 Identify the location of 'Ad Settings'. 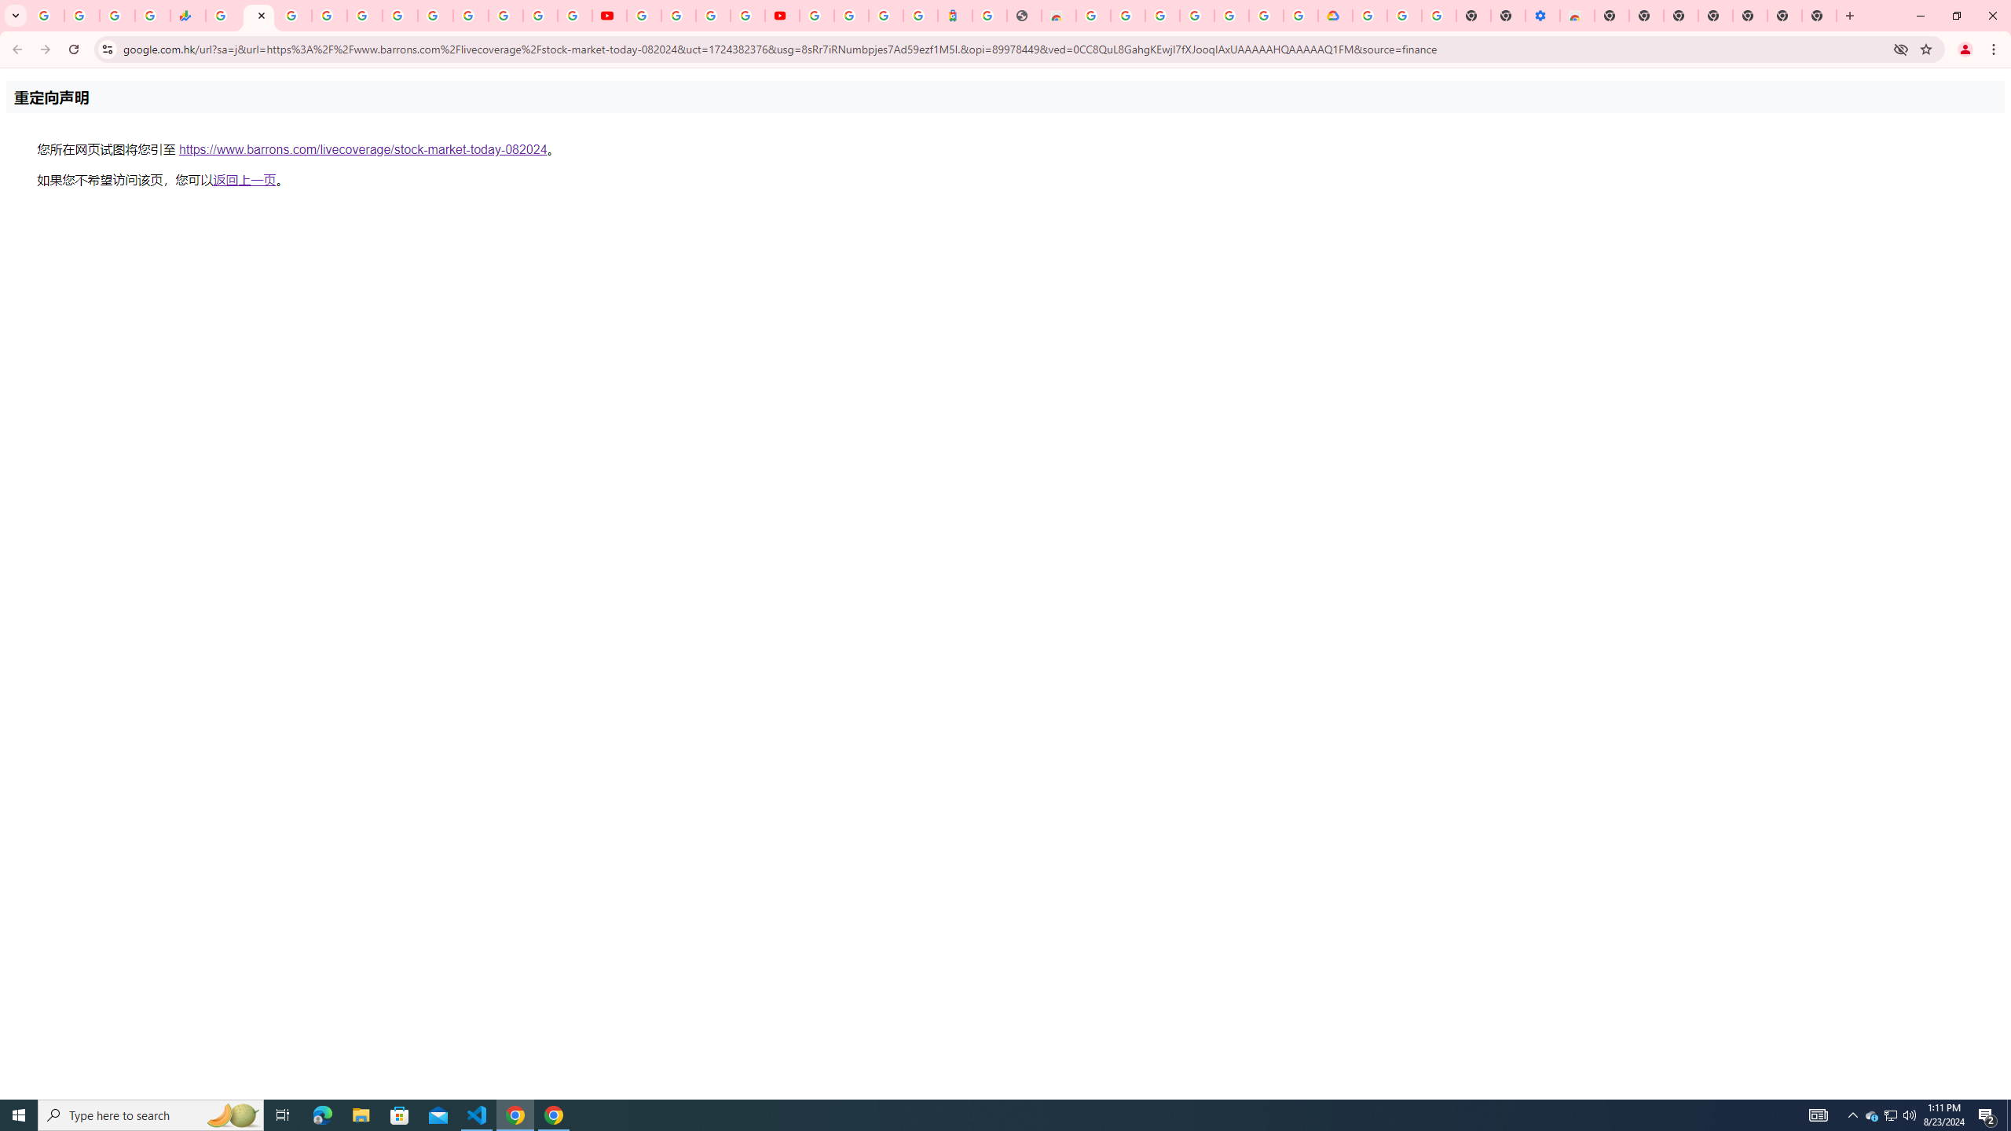
(1127, 15).